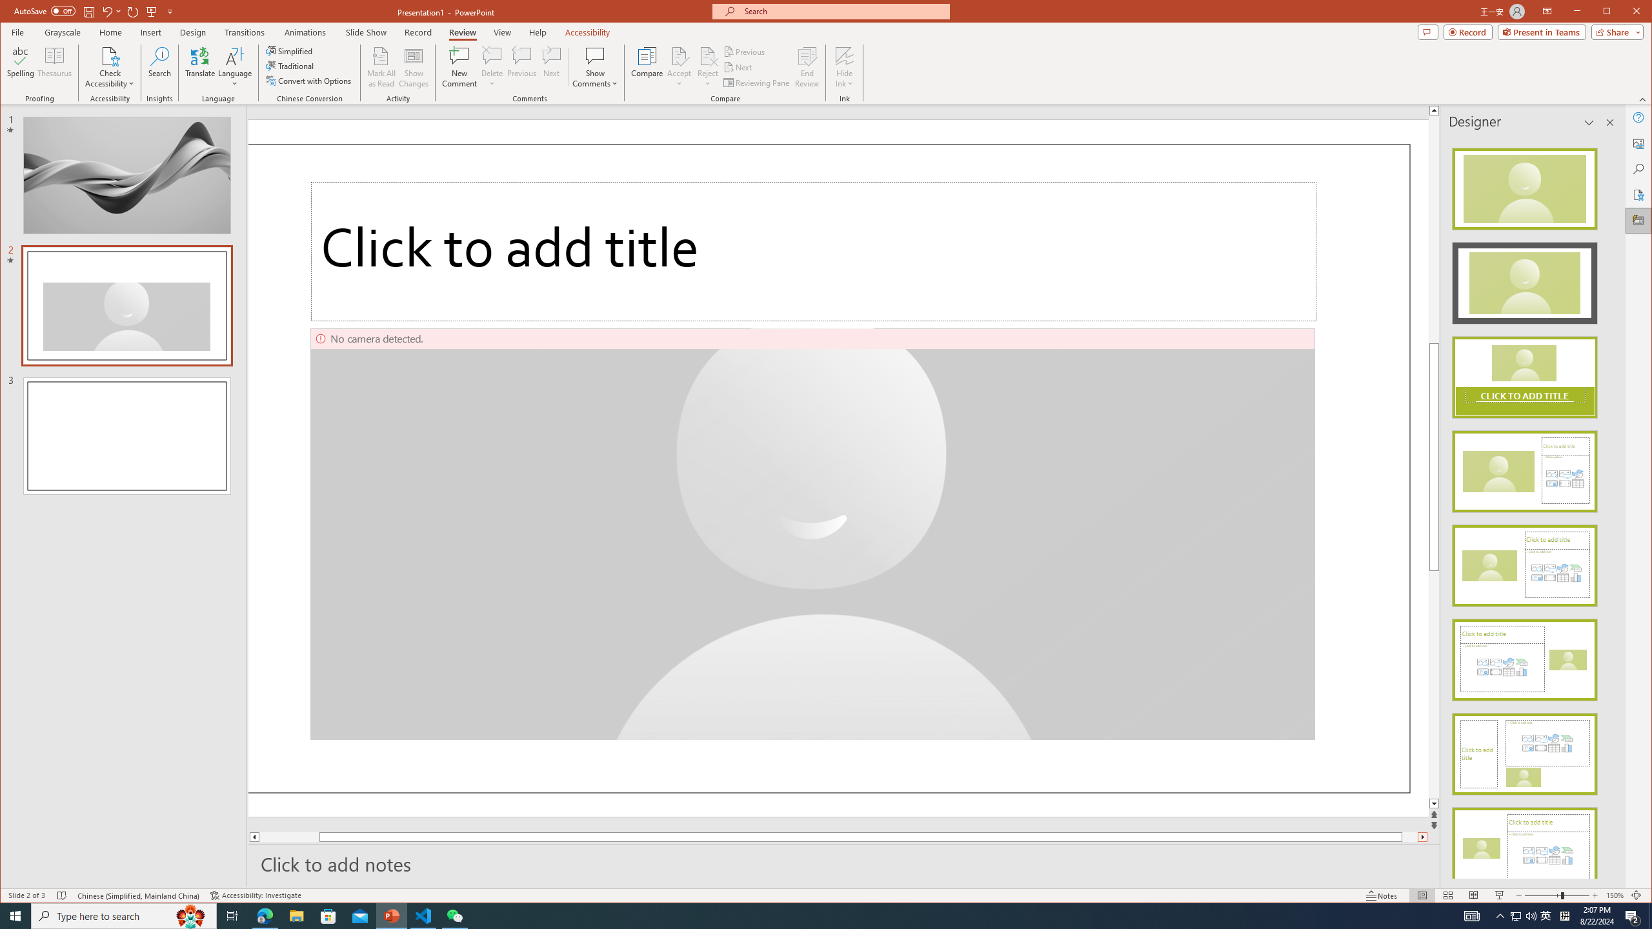  Describe the element at coordinates (844, 55) in the screenshot. I see `'Hide Ink'` at that location.